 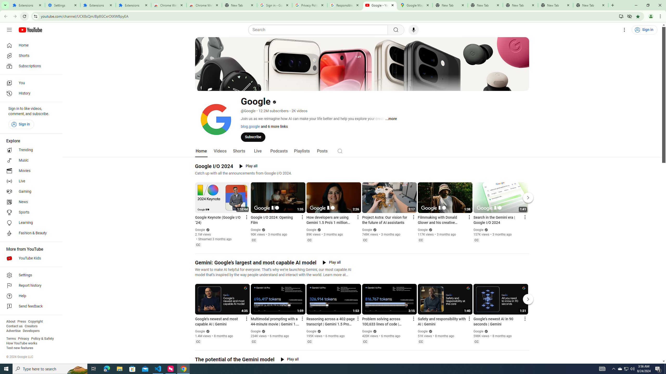 What do you see at coordinates (29, 66) in the screenshot?
I see `'Subscriptions'` at bounding box center [29, 66].